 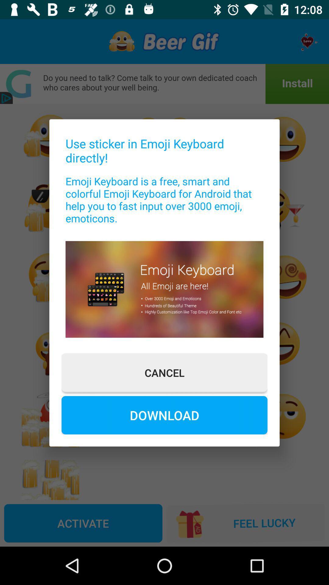 What do you see at coordinates (164, 372) in the screenshot?
I see `item above the download icon` at bounding box center [164, 372].